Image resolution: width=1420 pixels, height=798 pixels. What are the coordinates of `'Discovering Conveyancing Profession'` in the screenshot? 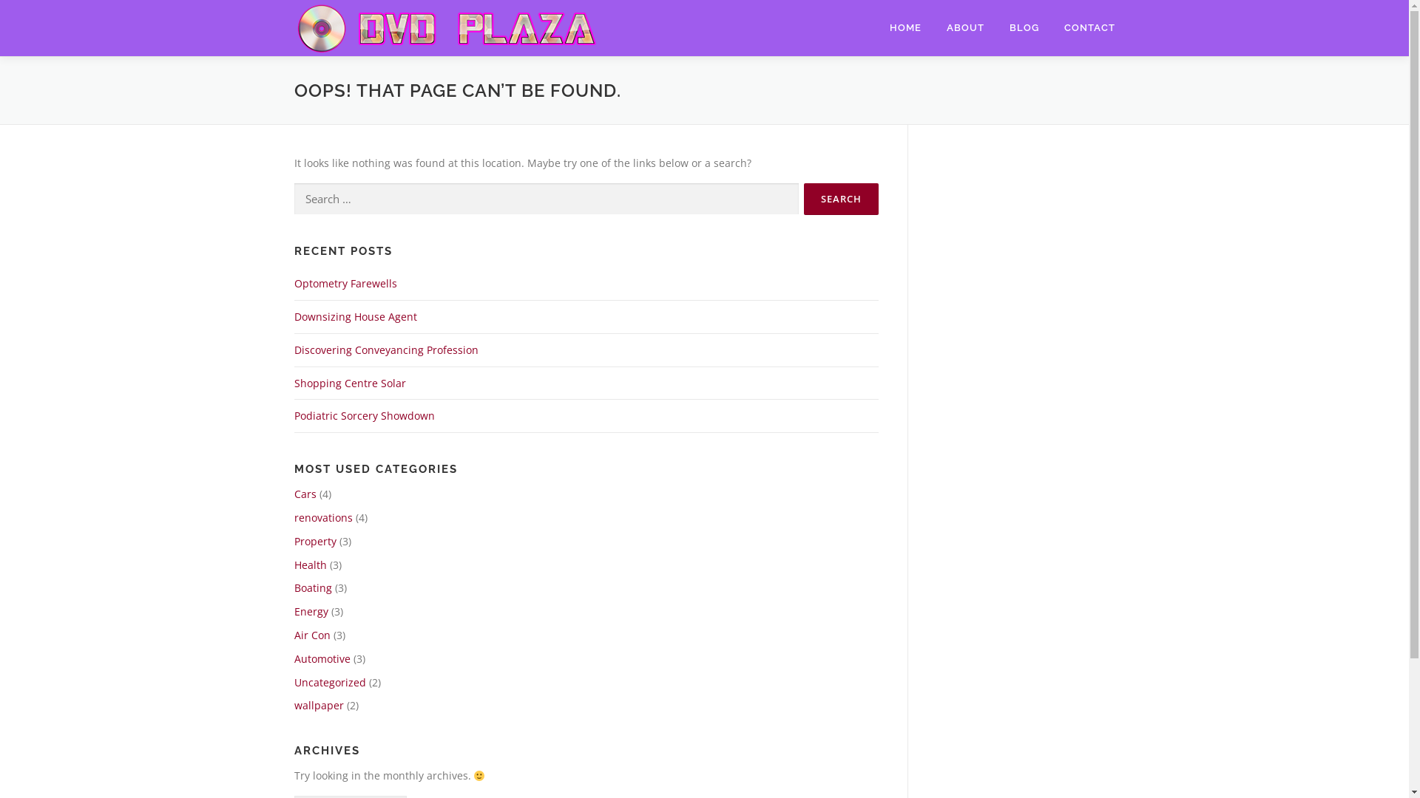 It's located at (386, 349).